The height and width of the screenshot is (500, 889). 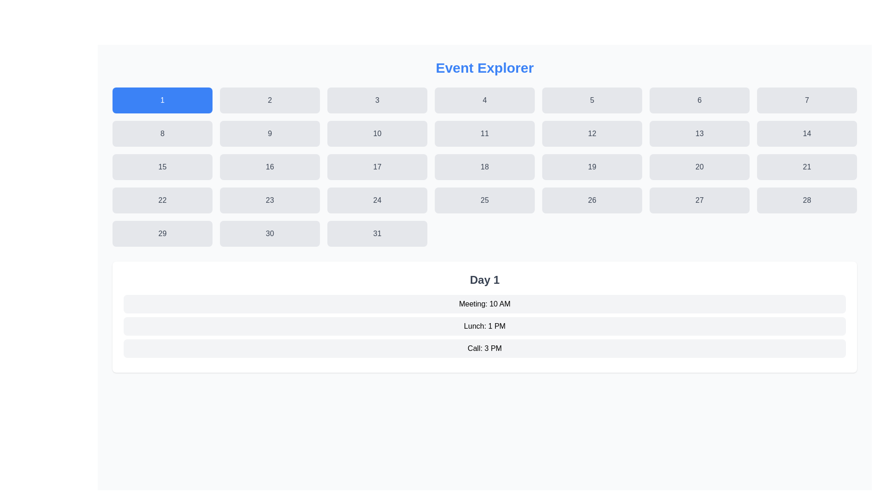 What do you see at coordinates (484, 167) in the screenshot?
I see `the button representing the number 18, located in the third row and fourth column of the grid layout` at bounding box center [484, 167].